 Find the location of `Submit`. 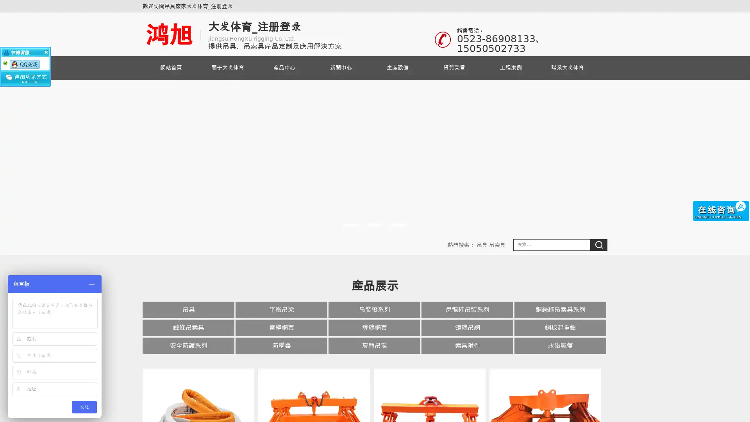

Submit is located at coordinates (598, 245).